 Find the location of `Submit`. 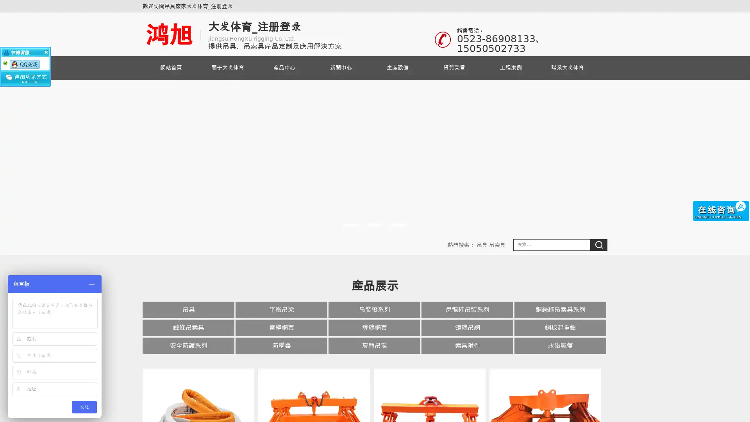

Submit is located at coordinates (598, 245).